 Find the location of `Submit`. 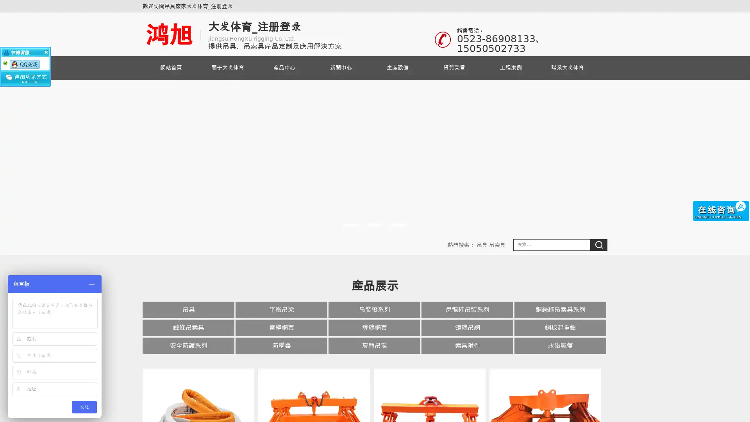

Submit is located at coordinates (598, 245).